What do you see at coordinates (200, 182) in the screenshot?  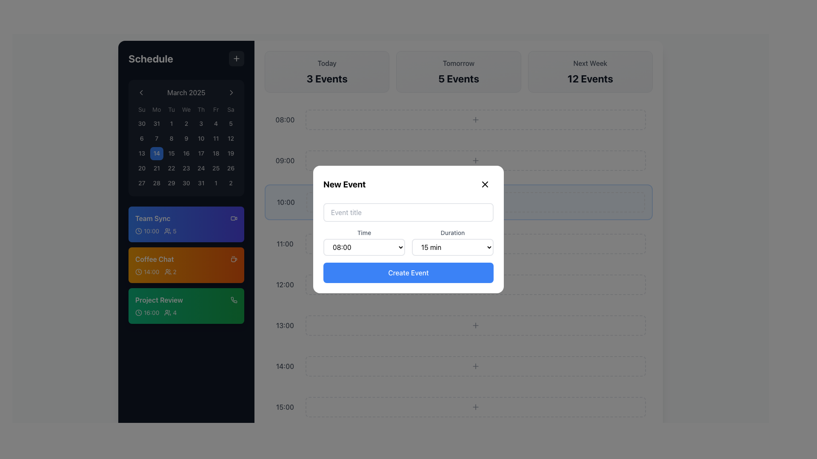 I see `the square button with rounded borders labeled '31' located in the bottom-right corner of the calendar grid to observe its interactive hover effect` at bounding box center [200, 182].